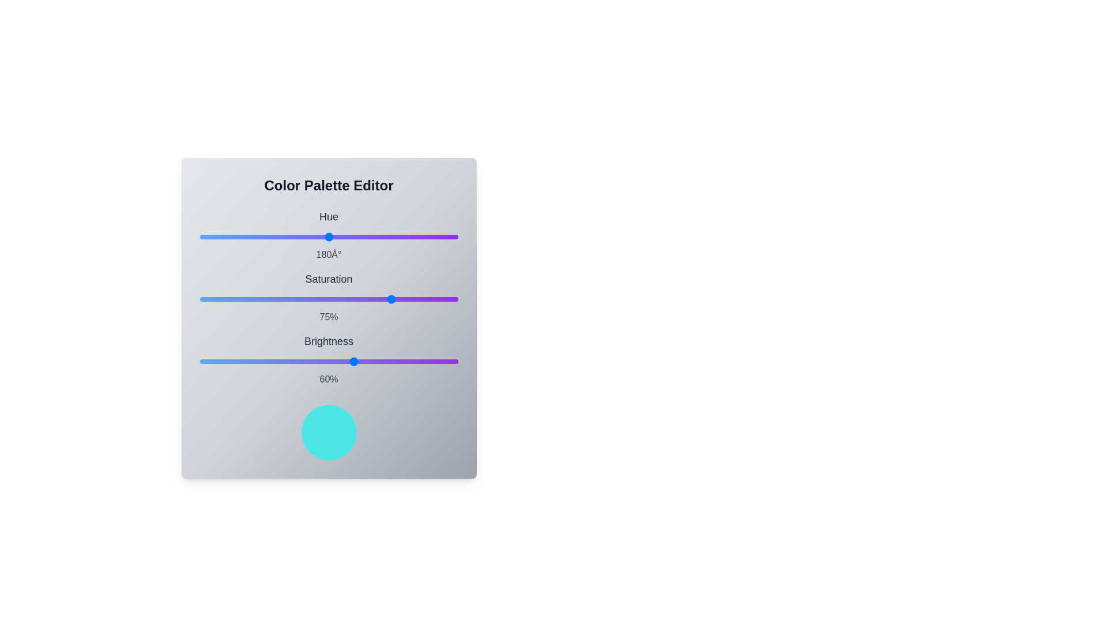 Image resolution: width=1107 pixels, height=623 pixels. What do you see at coordinates (258, 237) in the screenshot?
I see `the hue slider to set its value to 82` at bounding box center [258, 237].